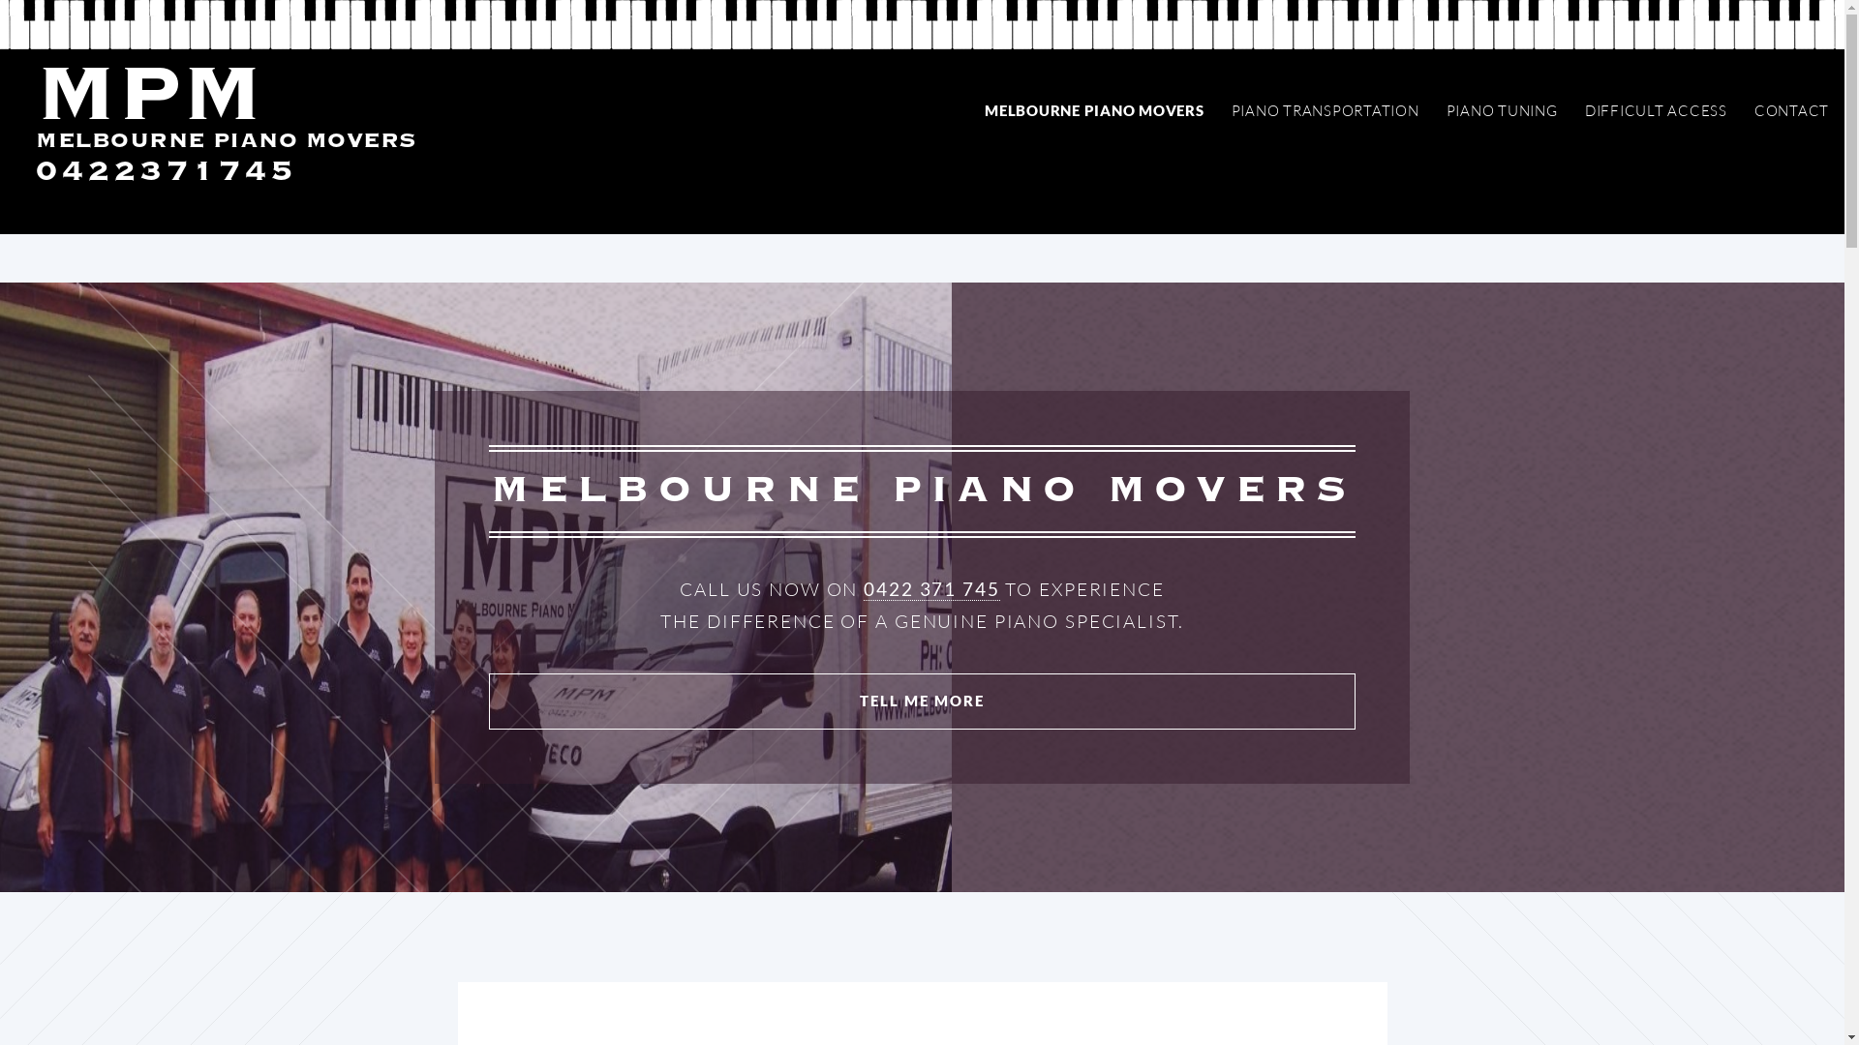 Image resolution: width=1859 pixels, height=1045 pixels. What do you see at coordinates (226, 130) in the screenshot?
I see `'MPM` at bounding box center [226, 130].